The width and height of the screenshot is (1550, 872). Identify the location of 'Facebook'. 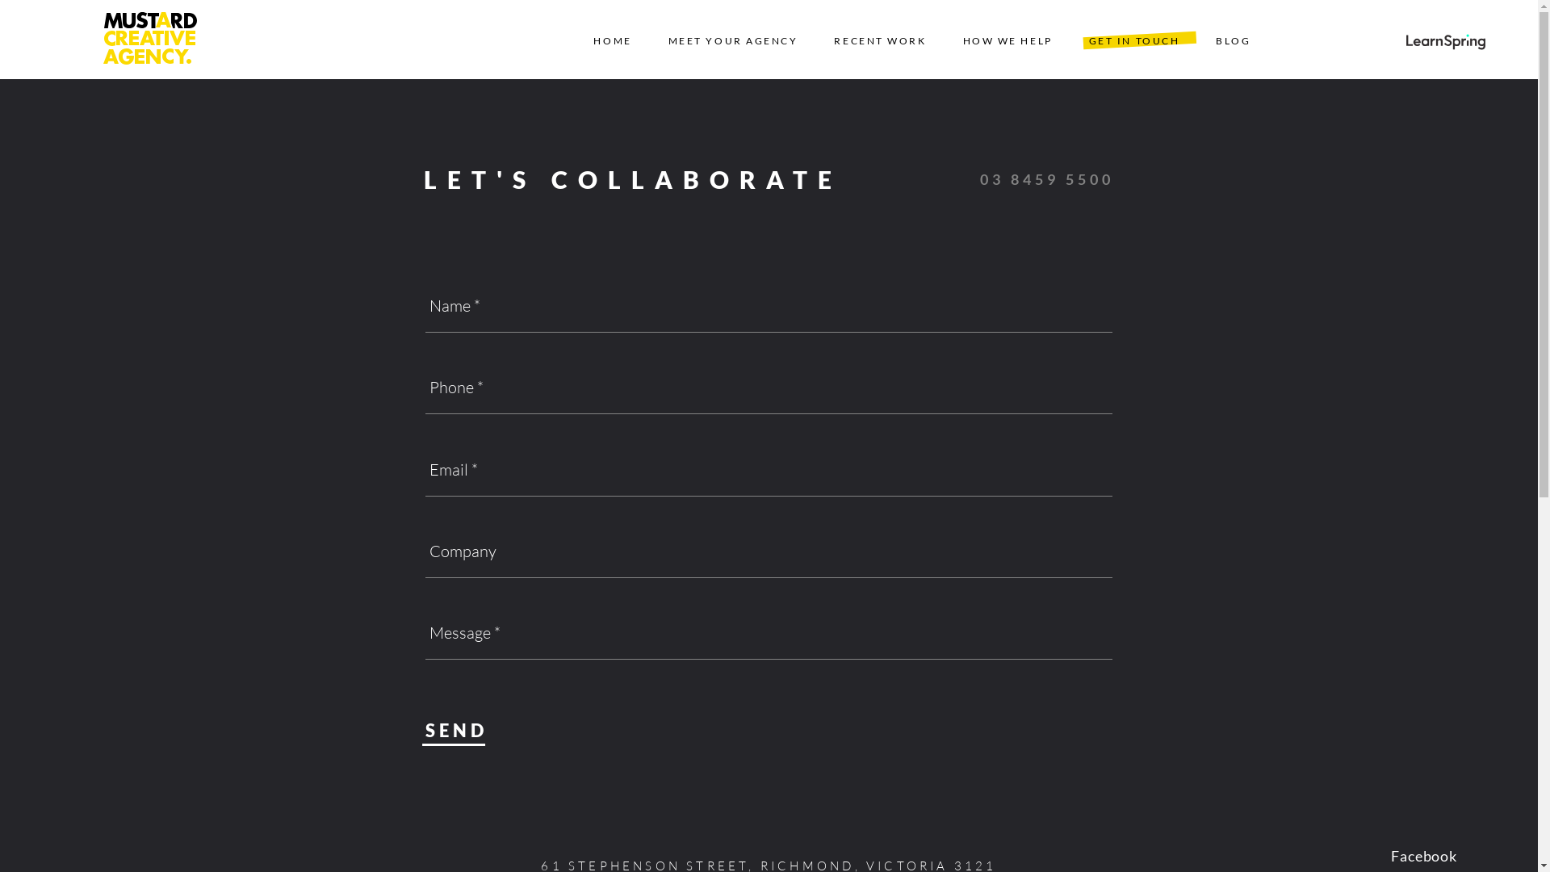
(1421, 855).